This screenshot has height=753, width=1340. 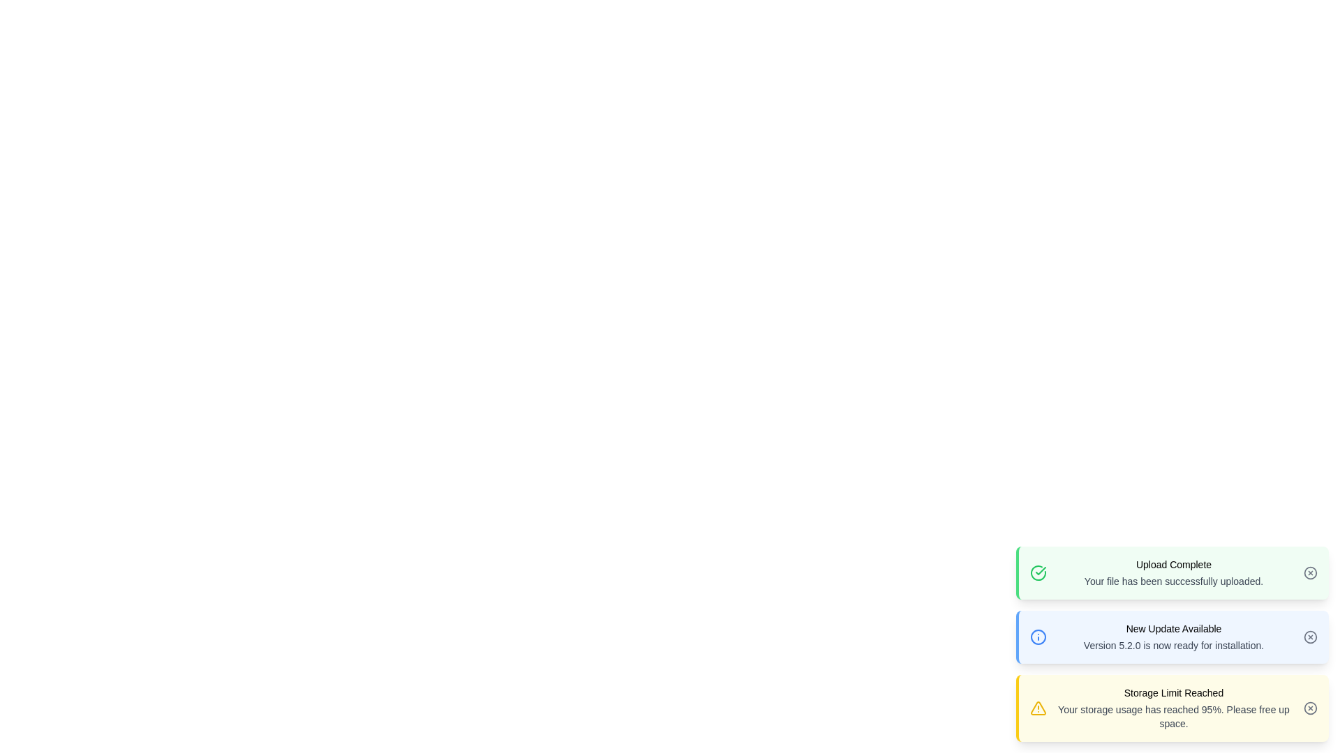 I want to click on the success icon located to the left of the 'Upload Complete' message in the topmost notification section, so click(x=1038, y=572).